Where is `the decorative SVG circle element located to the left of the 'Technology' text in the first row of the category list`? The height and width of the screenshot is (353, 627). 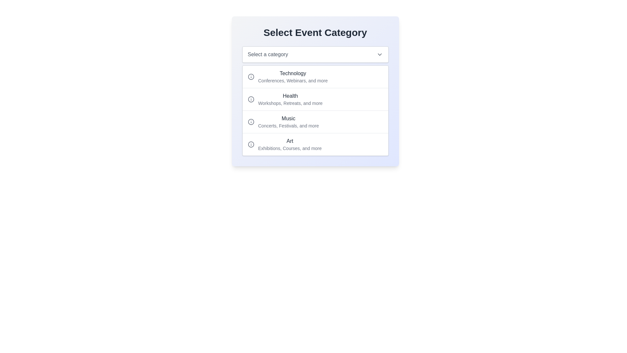 the decorative SVG circle element located to the left of the 'Technology' text in the first row of the category list is located at coordinates (250, 76).